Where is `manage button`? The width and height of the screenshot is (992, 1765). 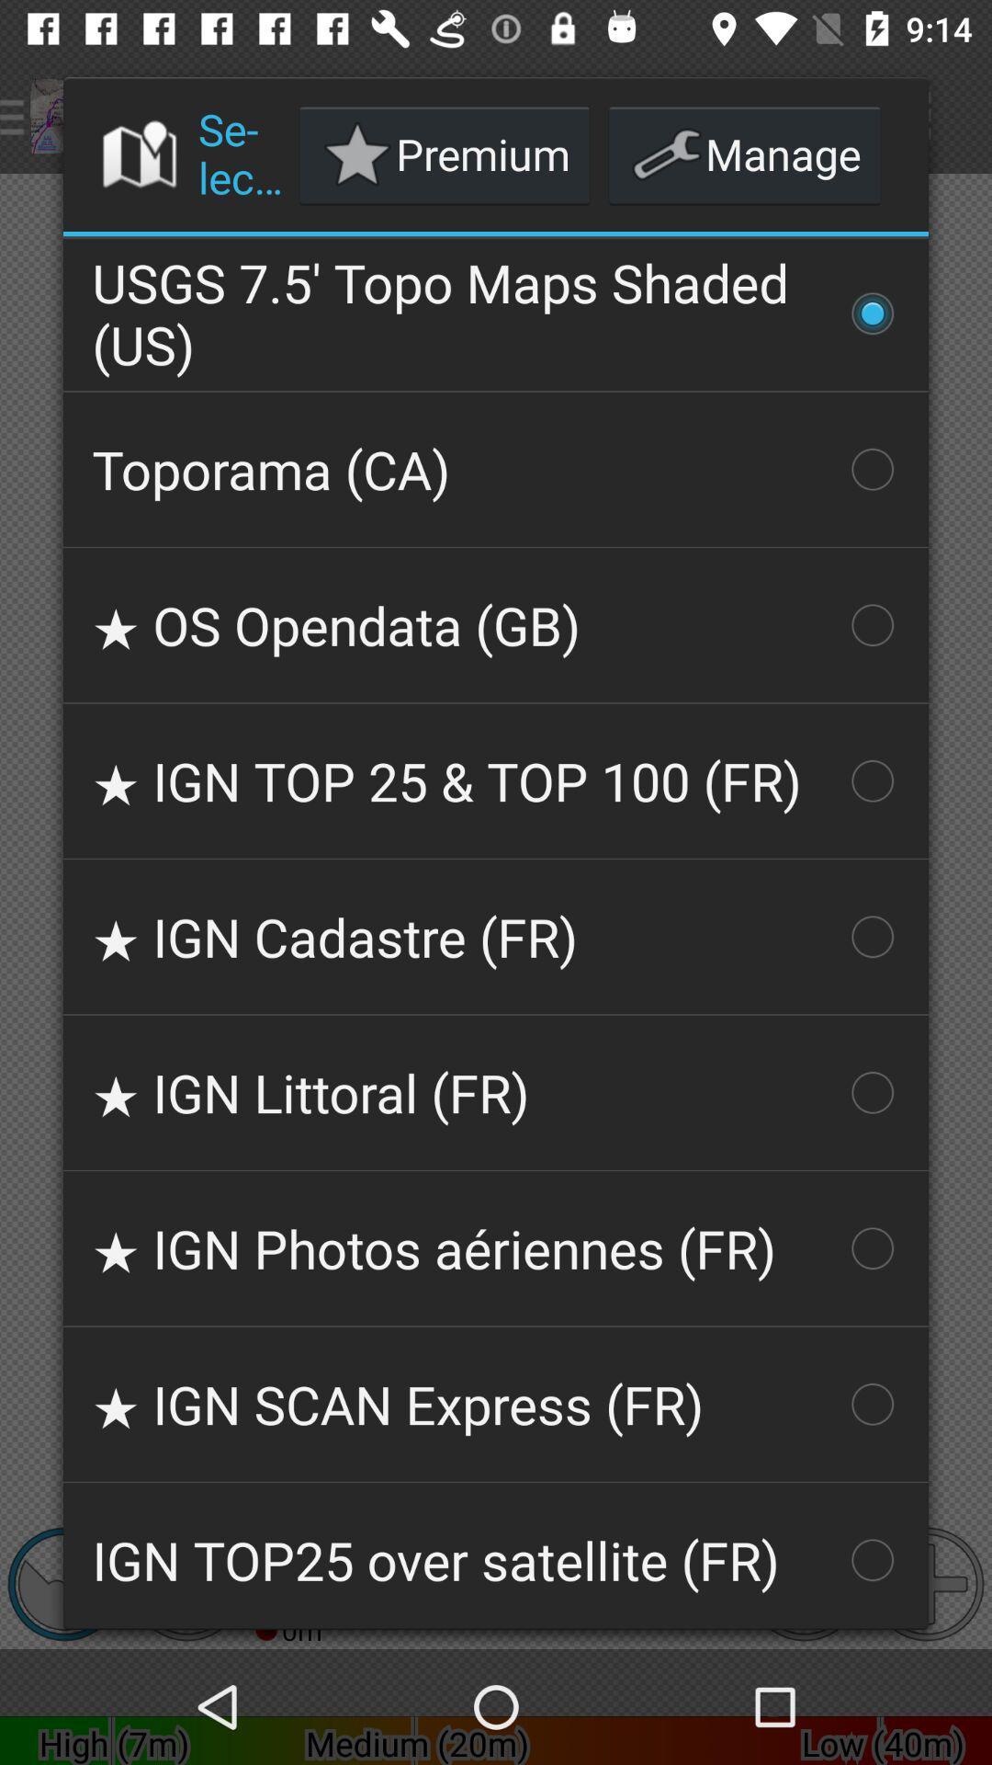 manage button is located at coordinates (744, 154).